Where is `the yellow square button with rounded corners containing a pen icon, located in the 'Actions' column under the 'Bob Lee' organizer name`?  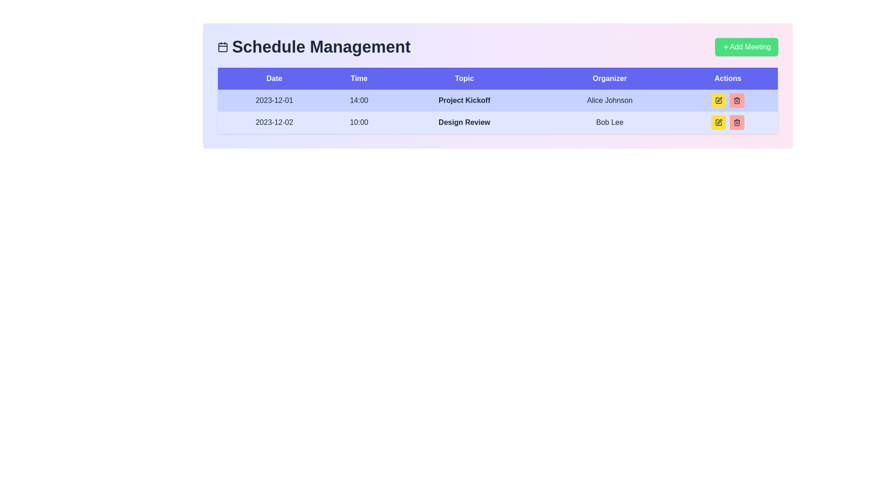 the yellow square button with rounded corners containing a pen icon, located in the 'Actions' column under the 'Bob Lee' organizer name is located at coordinates (718, 122).